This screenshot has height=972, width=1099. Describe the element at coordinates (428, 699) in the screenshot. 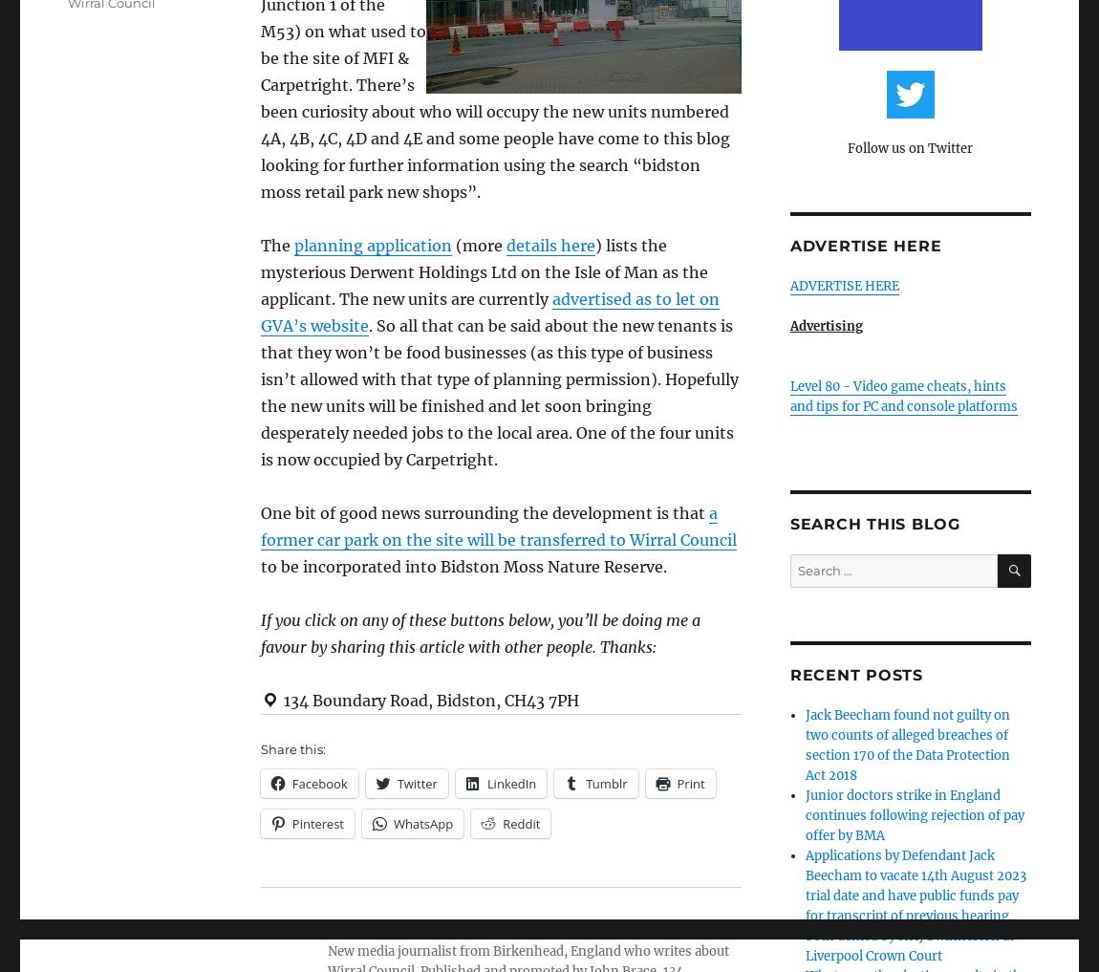

I see `'134 Boundary Road, Bidston, CH43 7PH'` at that location.